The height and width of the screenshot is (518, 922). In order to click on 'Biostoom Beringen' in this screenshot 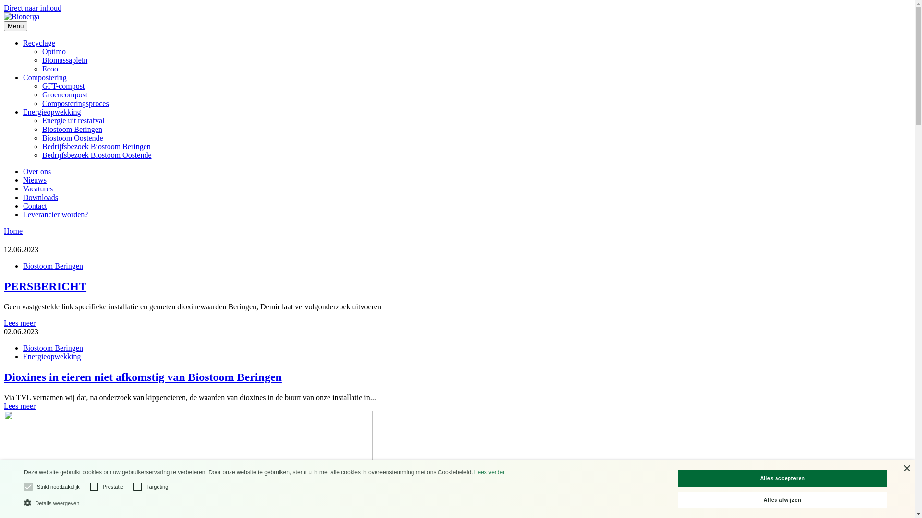, I will do `click(23, 266)`.